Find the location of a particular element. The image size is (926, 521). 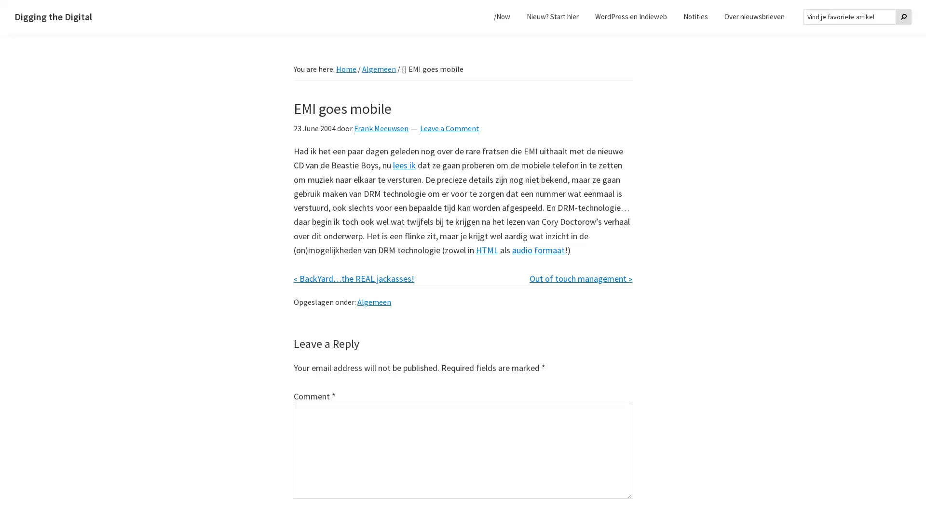

Search is located at coordinates (903, 16).